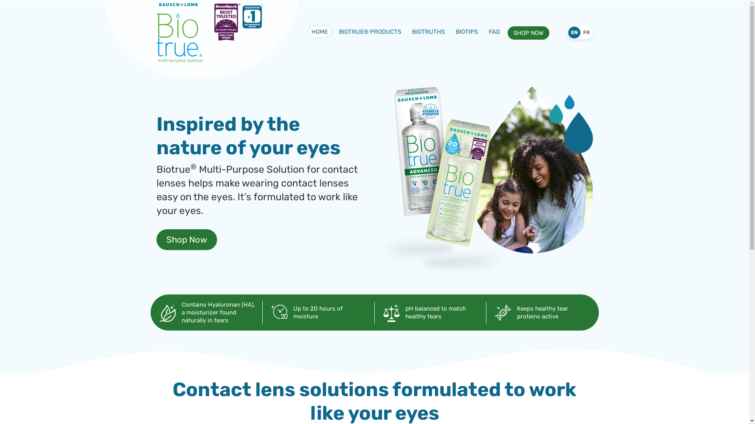  I want to click on 'SHOP NOW', so click(528, 33).